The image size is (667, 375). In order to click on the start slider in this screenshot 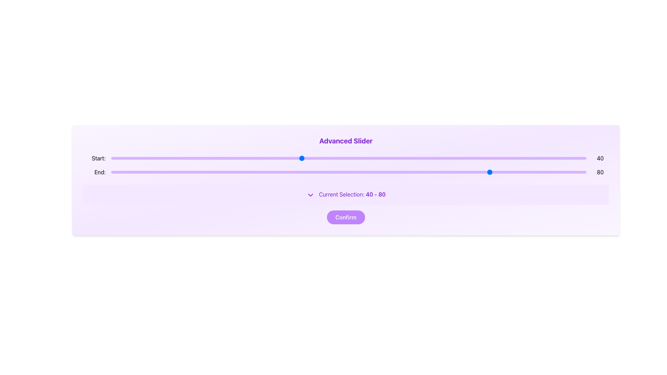, I will do `click(291, 158)`.